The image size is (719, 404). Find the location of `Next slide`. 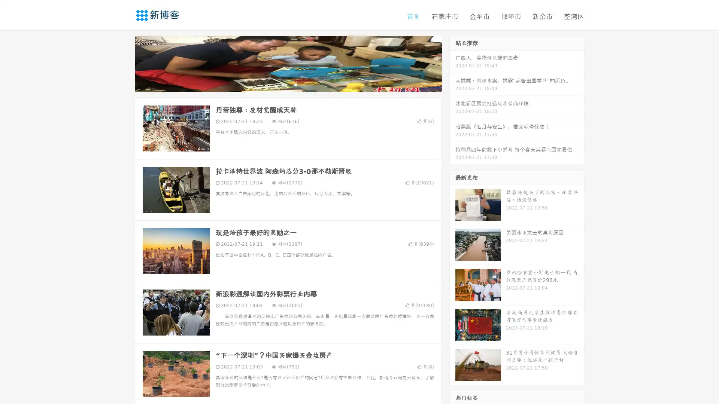

Next slide is located at coordinates (452, 63).